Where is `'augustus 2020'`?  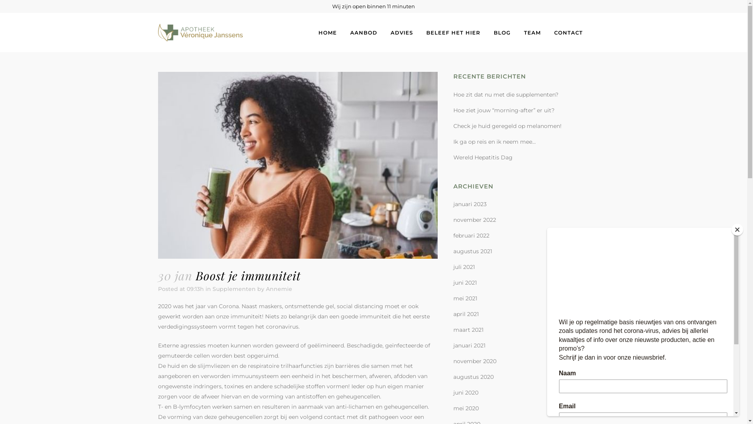 'augustus 2020' is located at coordinates (453, 376).